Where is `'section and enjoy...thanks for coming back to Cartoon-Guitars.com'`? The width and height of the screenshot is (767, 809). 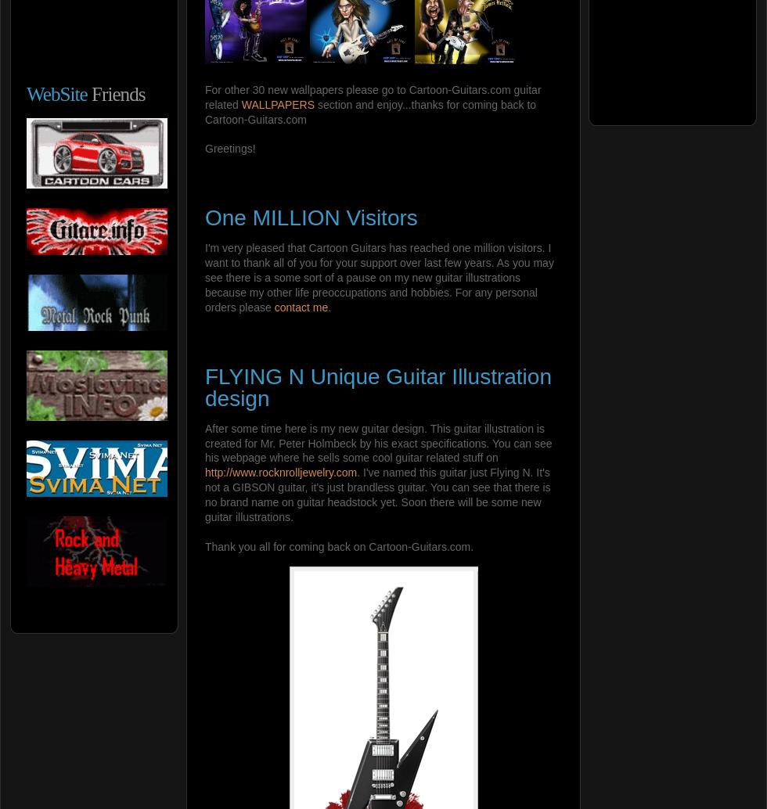 'section and enjoy...thanks for coming back to Cartoon-Guitars.com' is located at coordinates (204, 111).